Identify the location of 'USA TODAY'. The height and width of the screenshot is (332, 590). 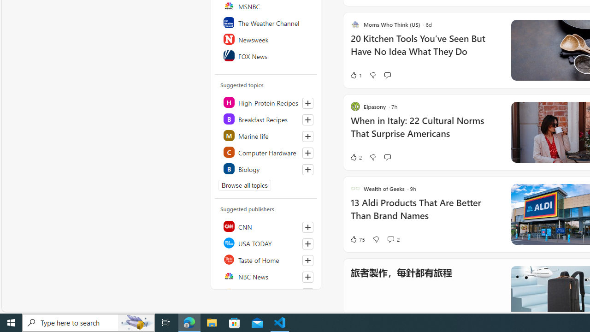
(266, 243).